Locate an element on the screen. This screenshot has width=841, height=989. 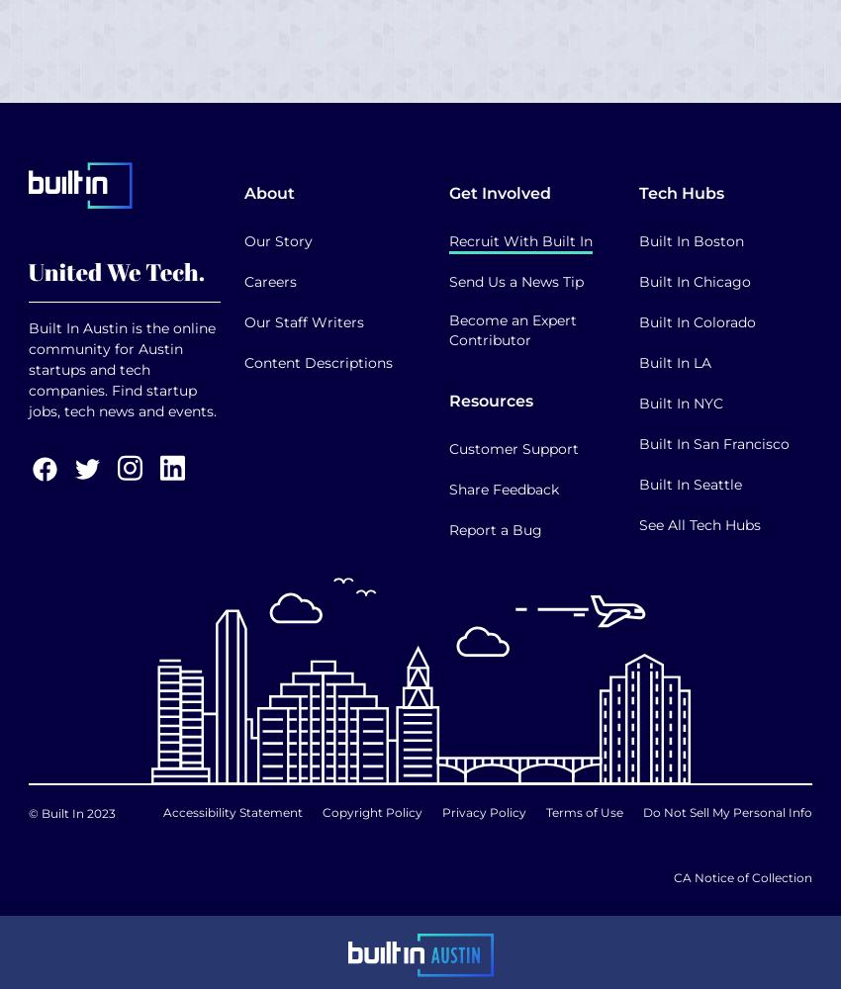
'Terms of Use' is located at coordinates (585, 811).